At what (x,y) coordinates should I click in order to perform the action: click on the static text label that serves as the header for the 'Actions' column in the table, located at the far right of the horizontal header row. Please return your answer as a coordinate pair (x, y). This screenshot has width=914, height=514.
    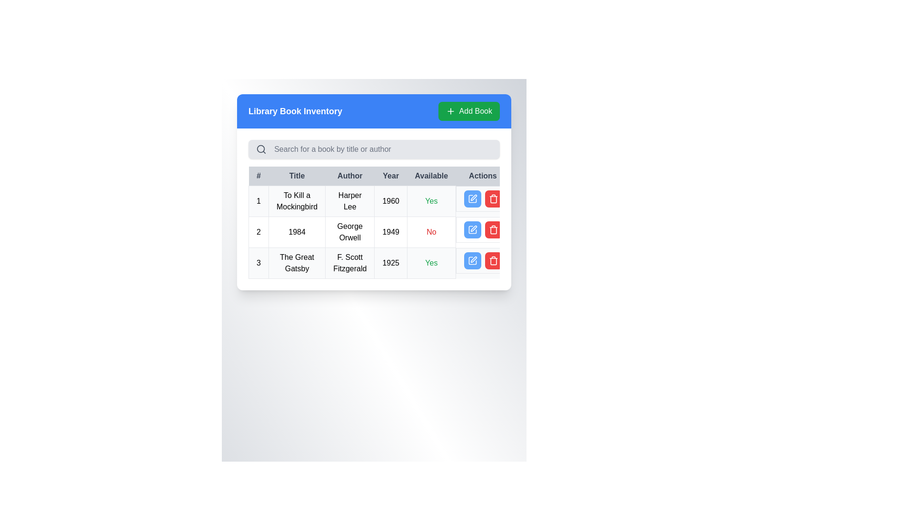
    Looking at the image, I should click on (483, 176).